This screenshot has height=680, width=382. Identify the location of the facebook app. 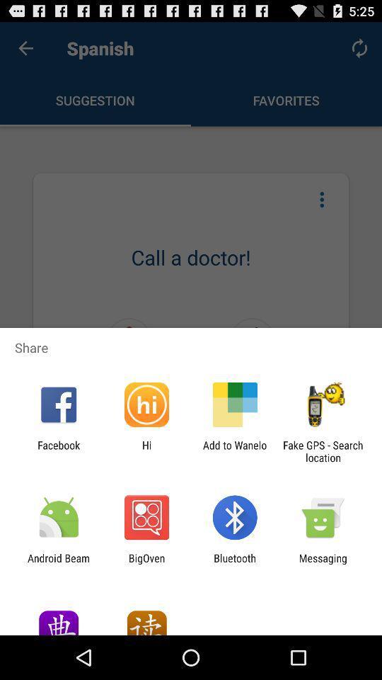
(58, 450).